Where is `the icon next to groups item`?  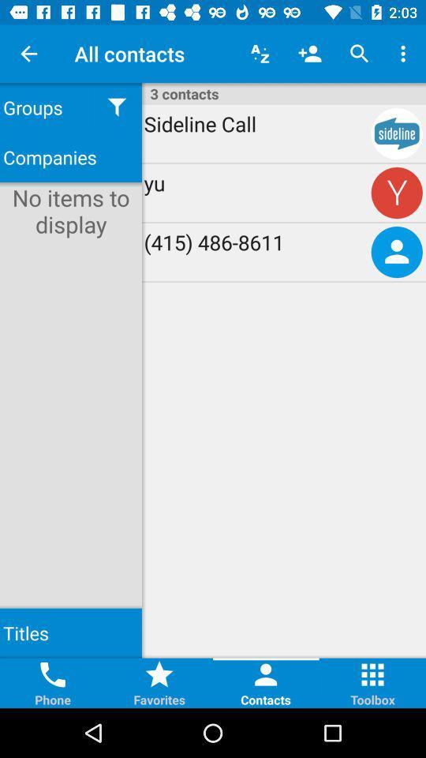 the icon next to groups item is located at coordinates (116, 107).